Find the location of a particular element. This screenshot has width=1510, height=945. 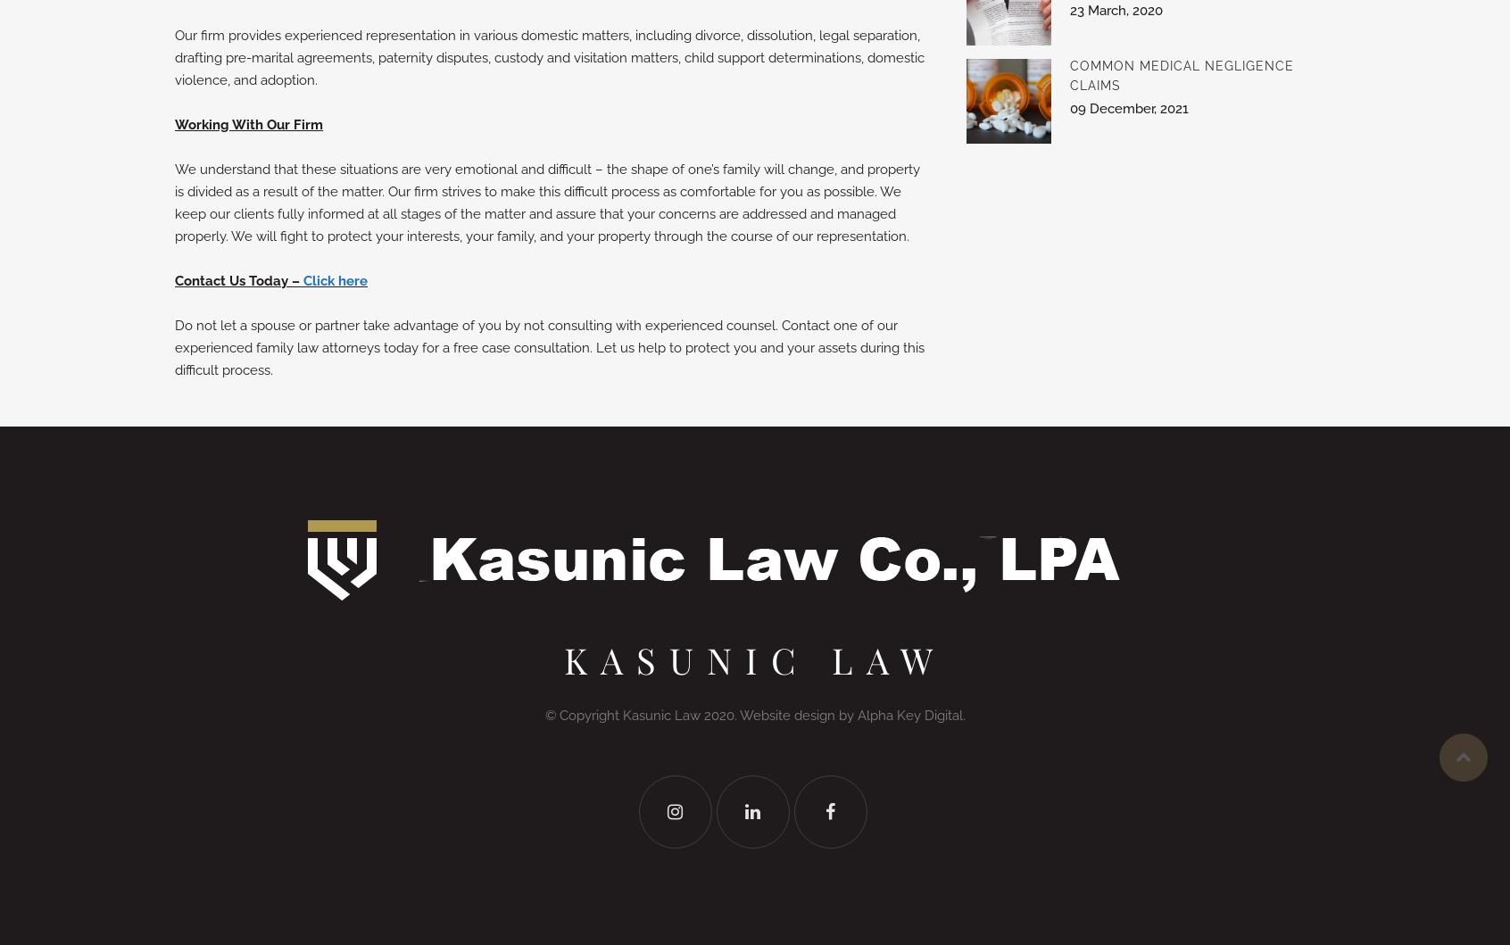

'23 March, 2020' is located at coordinates (1067, 10).